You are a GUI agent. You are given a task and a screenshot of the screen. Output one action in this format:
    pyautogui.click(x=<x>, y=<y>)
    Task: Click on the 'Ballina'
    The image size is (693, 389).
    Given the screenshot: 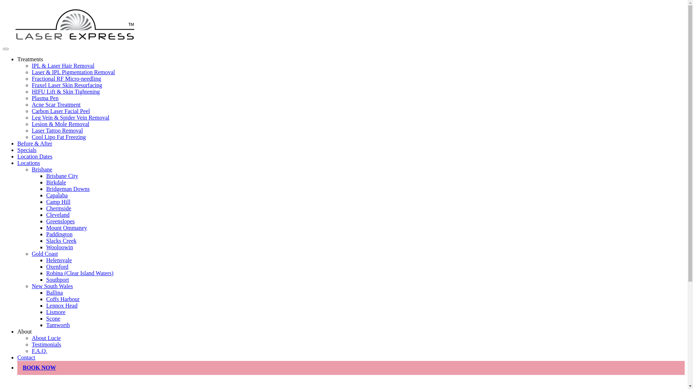 What is the action you would take?
    pyautogui.click(x=54, y=292)
    